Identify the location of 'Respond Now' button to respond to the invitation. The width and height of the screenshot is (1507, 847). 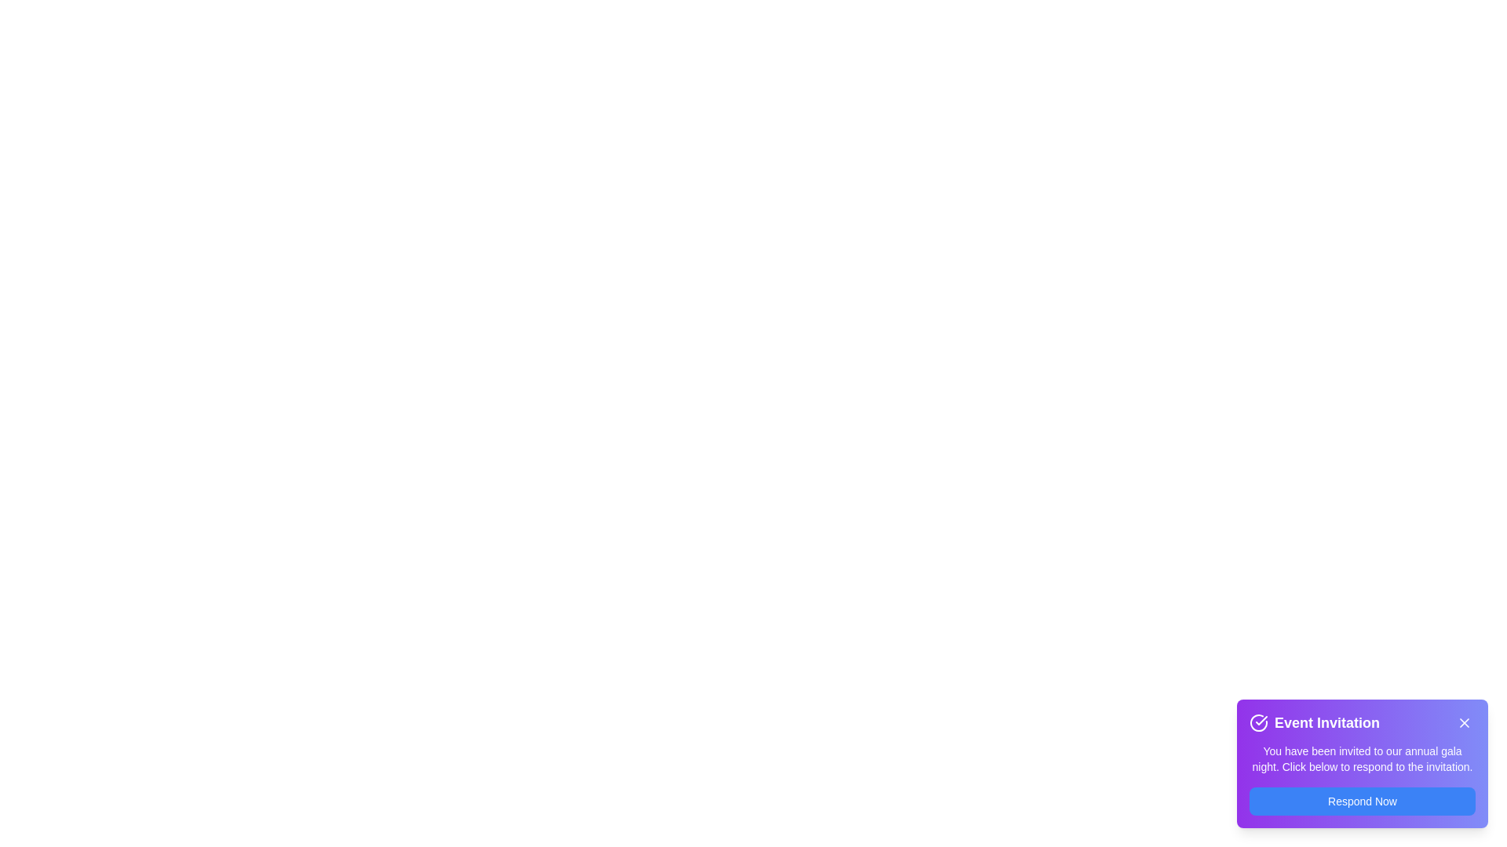
(1362, 802).